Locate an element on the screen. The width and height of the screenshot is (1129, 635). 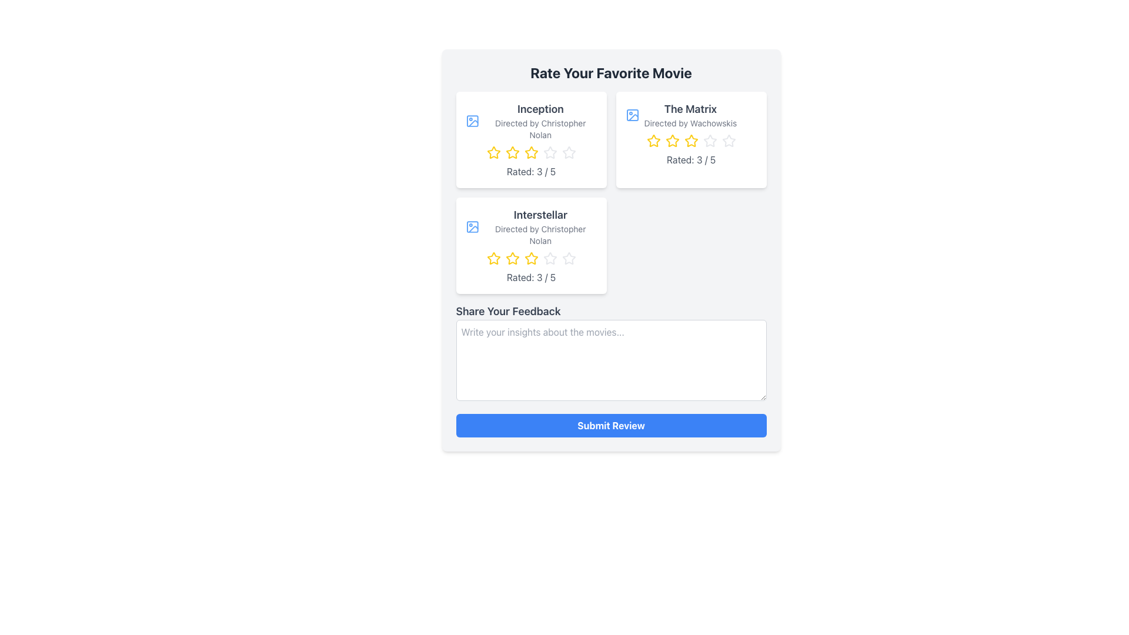
the text block that serves as the header for the movie 'Inception', displaying the movie title and director's name is located at coordinates (530, 121).